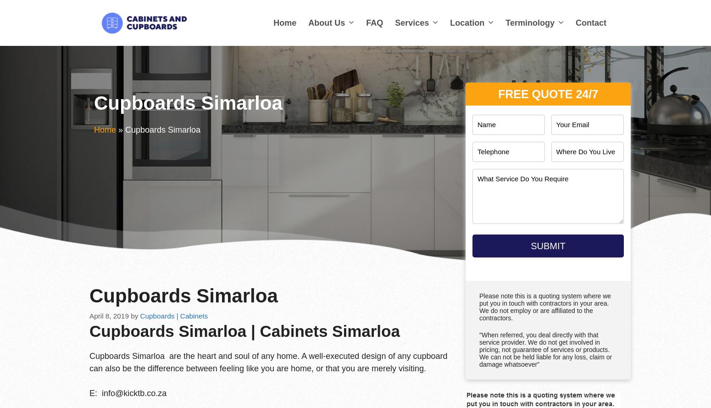 The height and width of the screenshot is (408, 711). What do you see at coordinates (89, 316) in the screenshot?
I see `'April 8, 2019'` at bounding box center [89, 316].